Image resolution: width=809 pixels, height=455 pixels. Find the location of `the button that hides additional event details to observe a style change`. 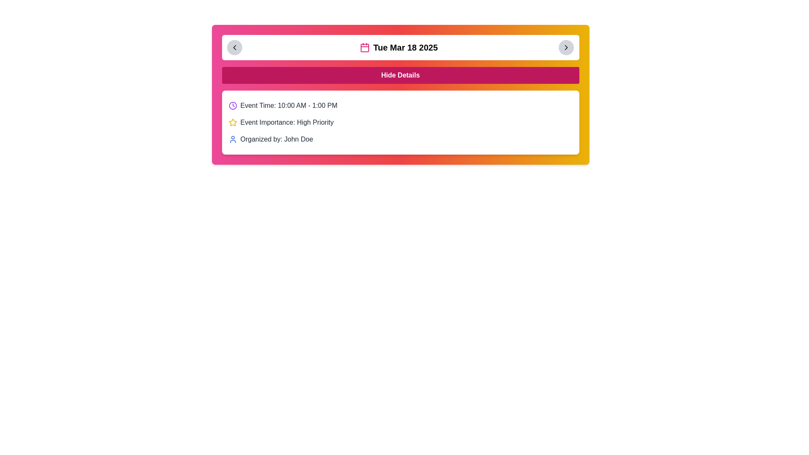

the button that hides additional event details to observe a style change is located at coordinates (400, 75).